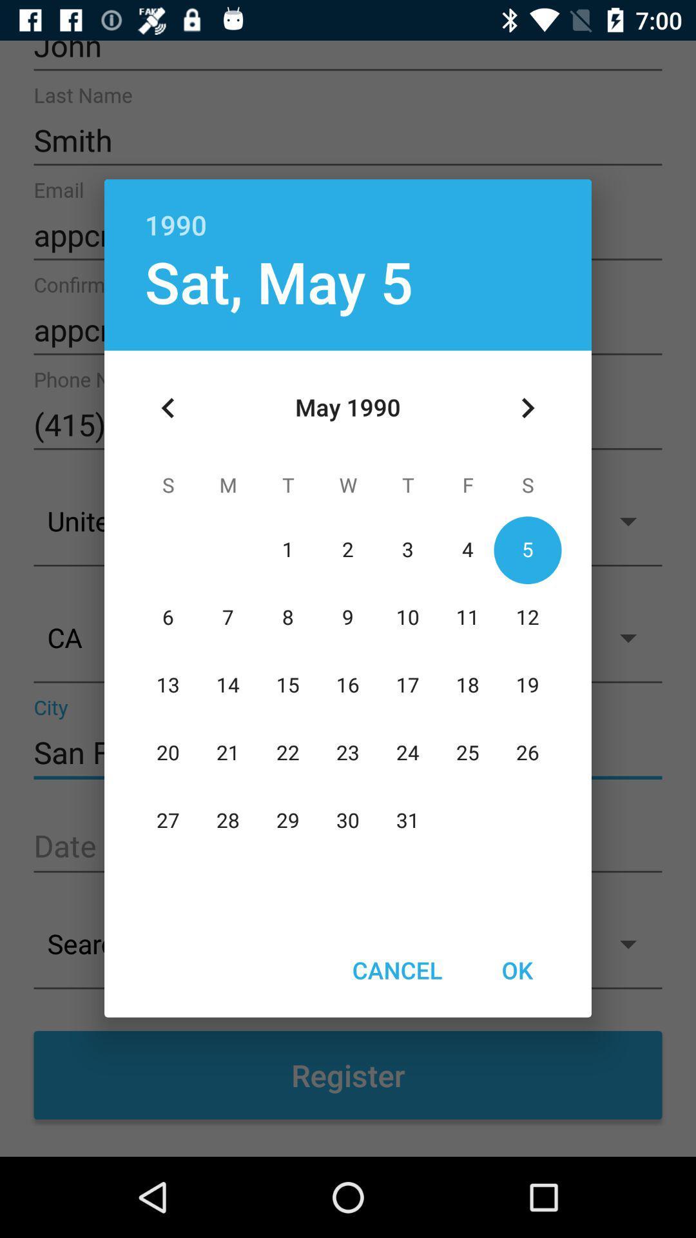 The height and width of the screenshot is (1238, 696). I want to click on the cancel item, so click(396, 970).